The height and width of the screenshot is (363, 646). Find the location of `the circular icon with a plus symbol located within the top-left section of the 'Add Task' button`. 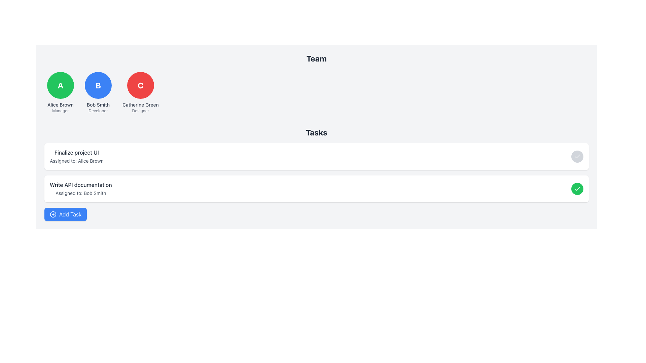

the circular icon with a plus symbol located within the top-left section of the 'Add Task' button is located at coordinates (53, 214).